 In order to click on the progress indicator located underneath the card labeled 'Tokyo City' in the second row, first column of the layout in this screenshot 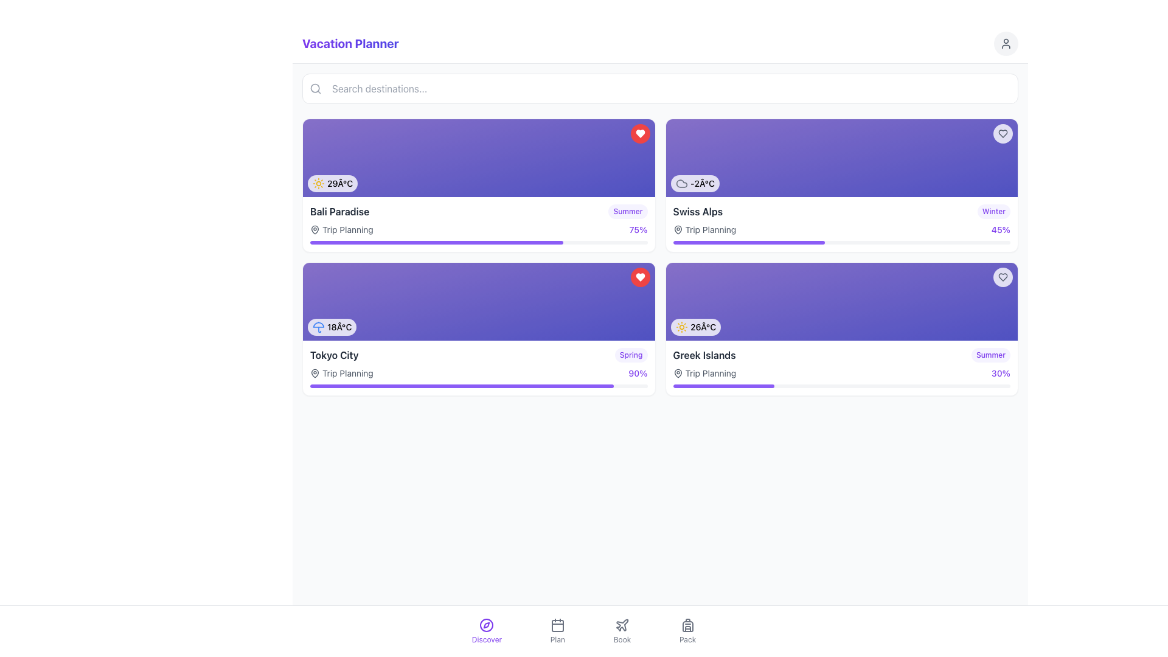, I will do `click(461, 386)`.